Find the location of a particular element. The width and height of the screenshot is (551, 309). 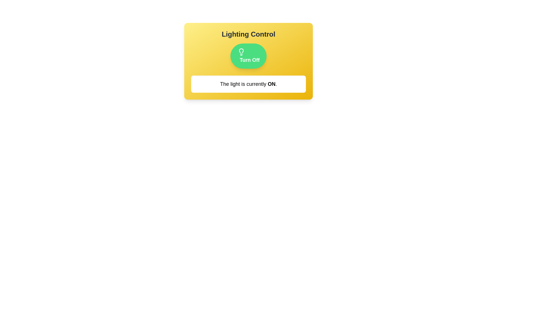

the text displayed below the button to determine the current light status is located at coordinates (248, 84).